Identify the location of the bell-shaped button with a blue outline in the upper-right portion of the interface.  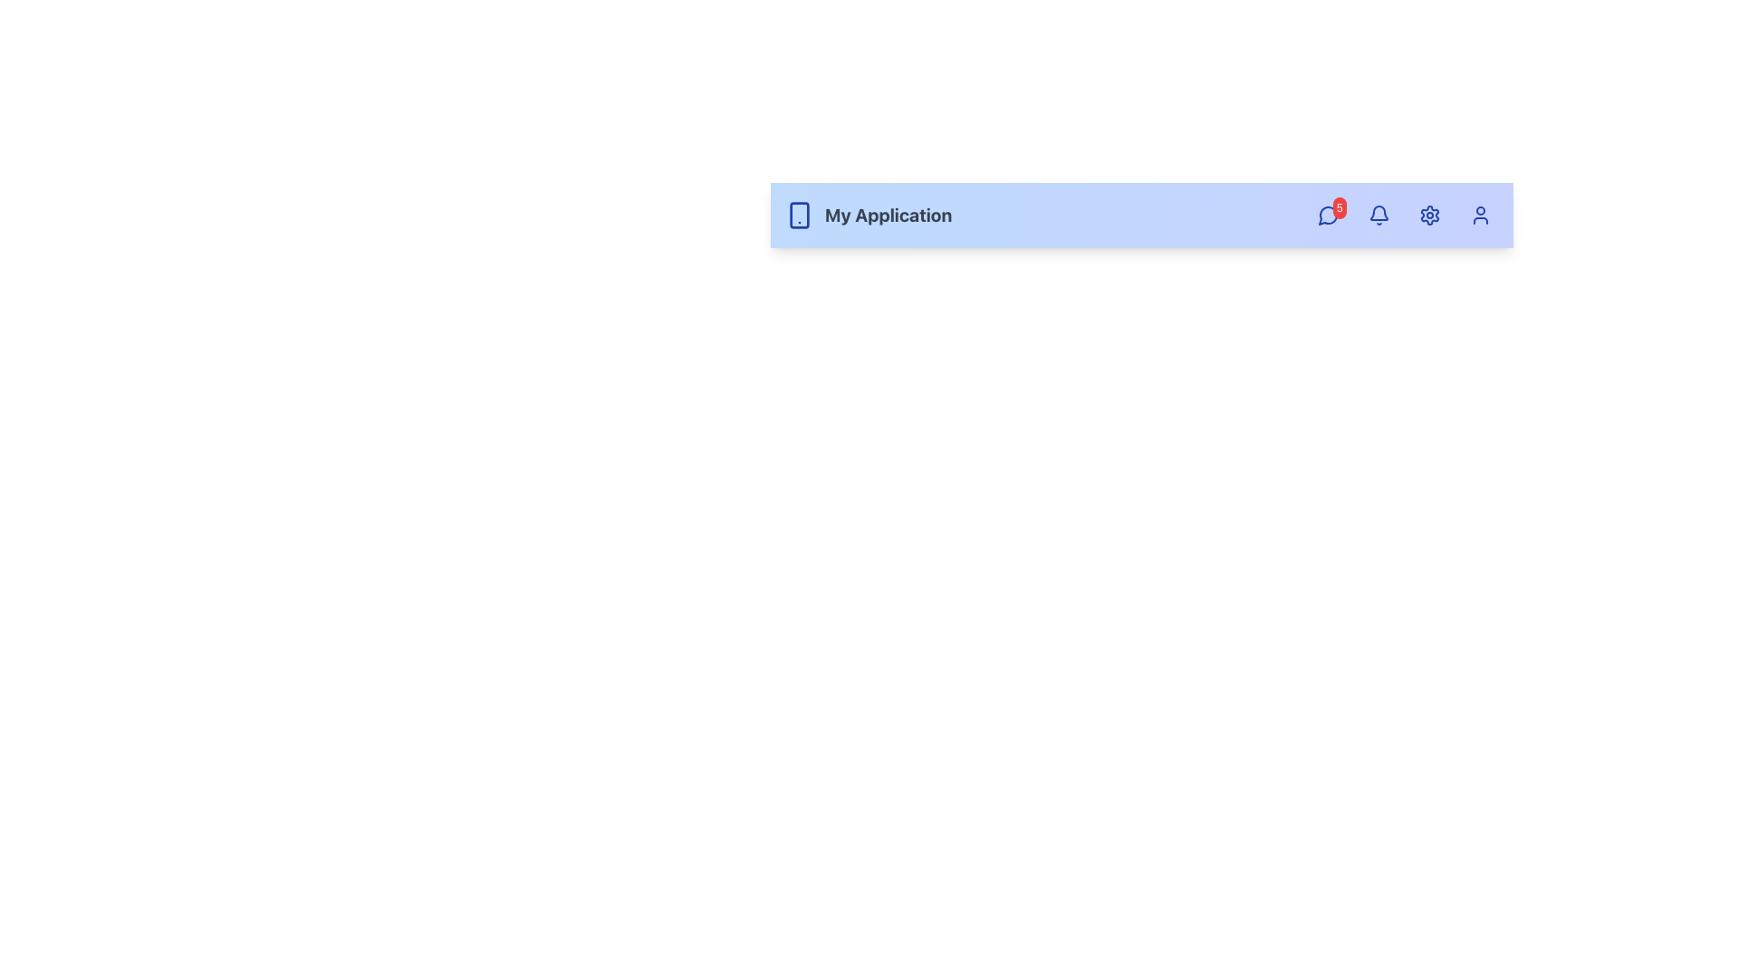
(1378, 215).